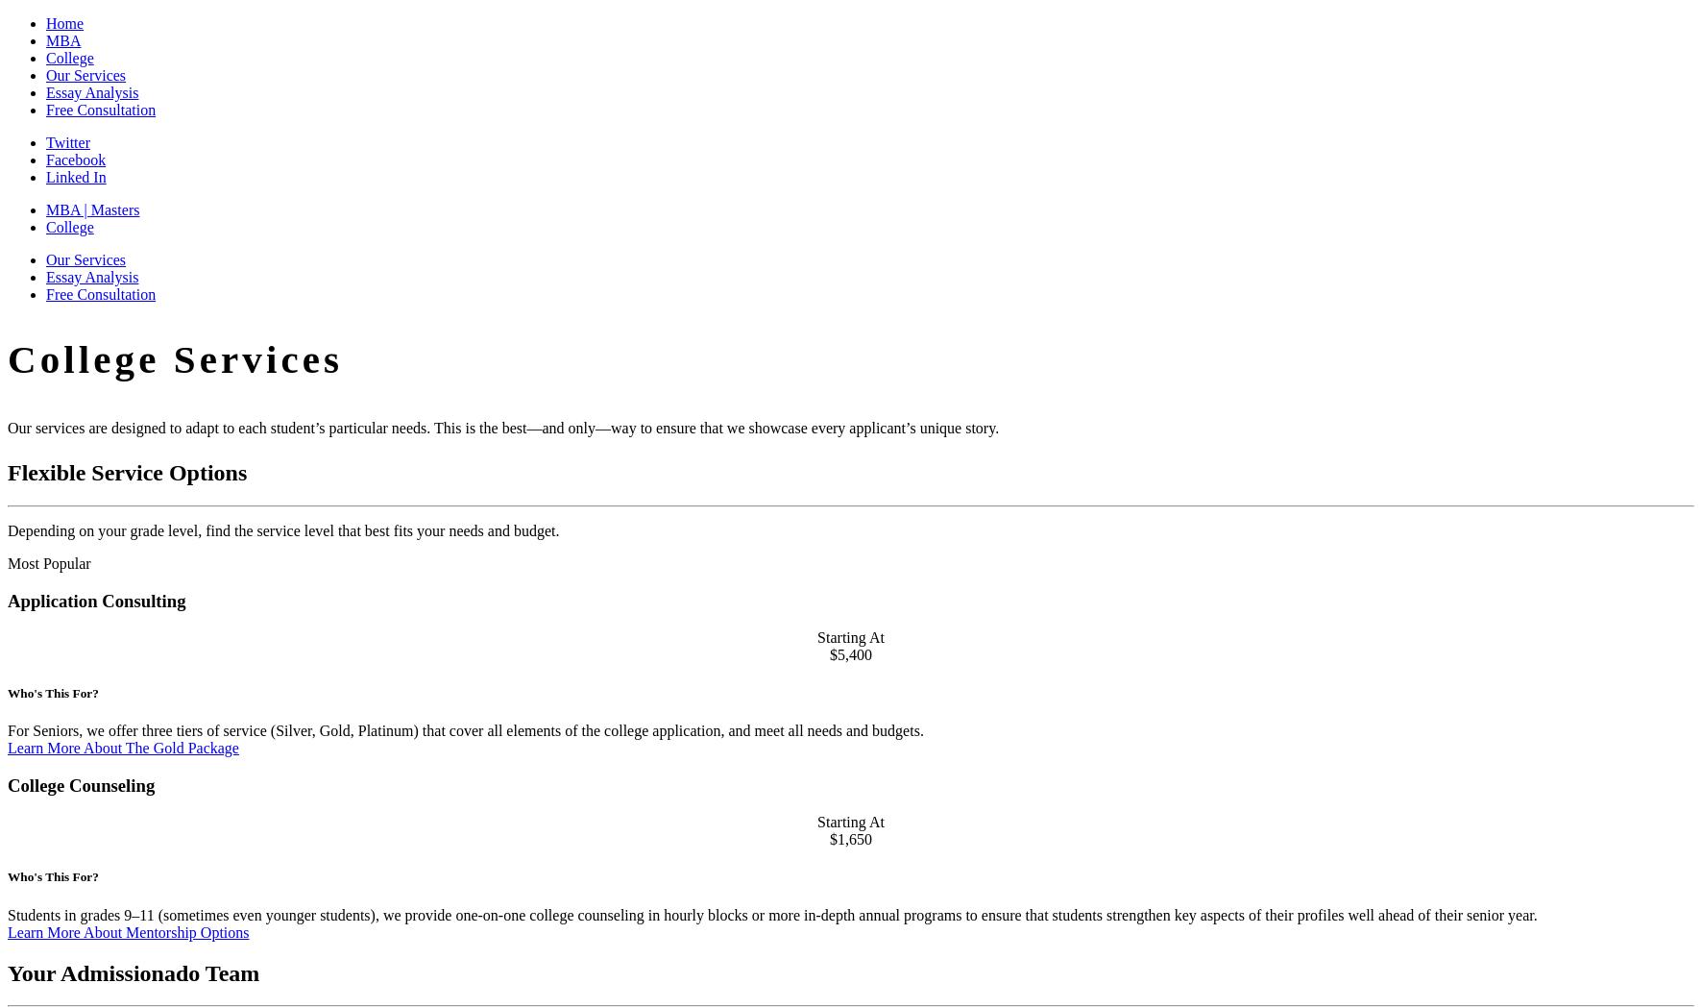 The image size is (1702, 1008). Describe the element at coordinates (127, 471) in the screenshot. I see `'Flexible Service Options'` at that location.